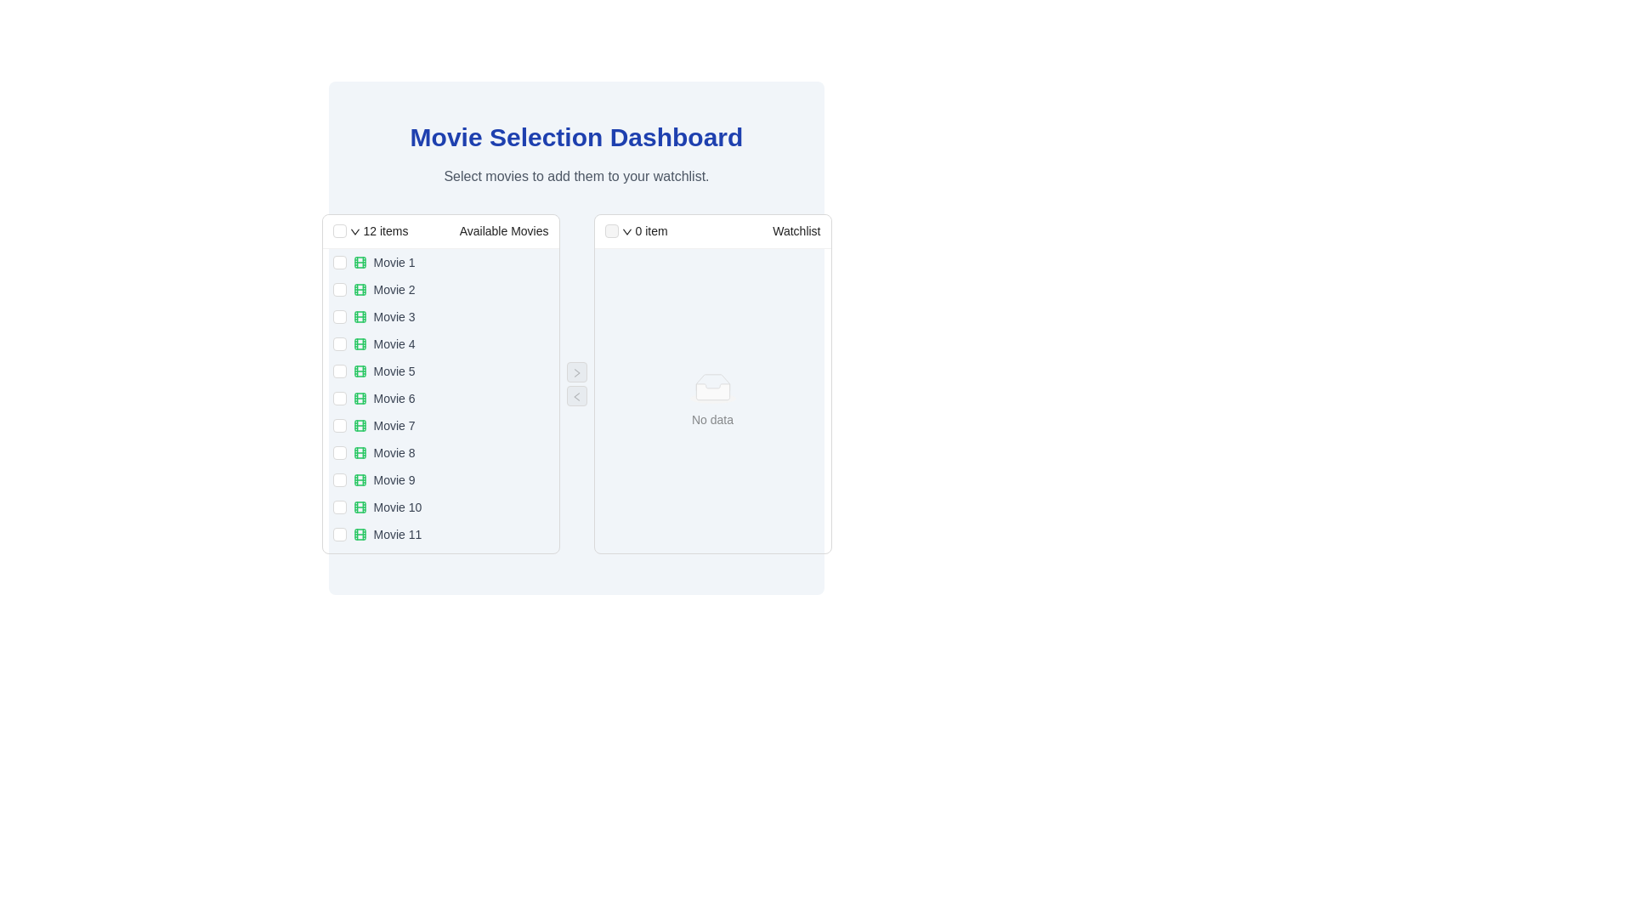 This screenshot has height=918, width=1632. What do you see at coordinates (359, 288) in the screenshot?
I see `the movie icon next to 'Movie 2' in the second row of the movies list` at bounding box center [359, 288].